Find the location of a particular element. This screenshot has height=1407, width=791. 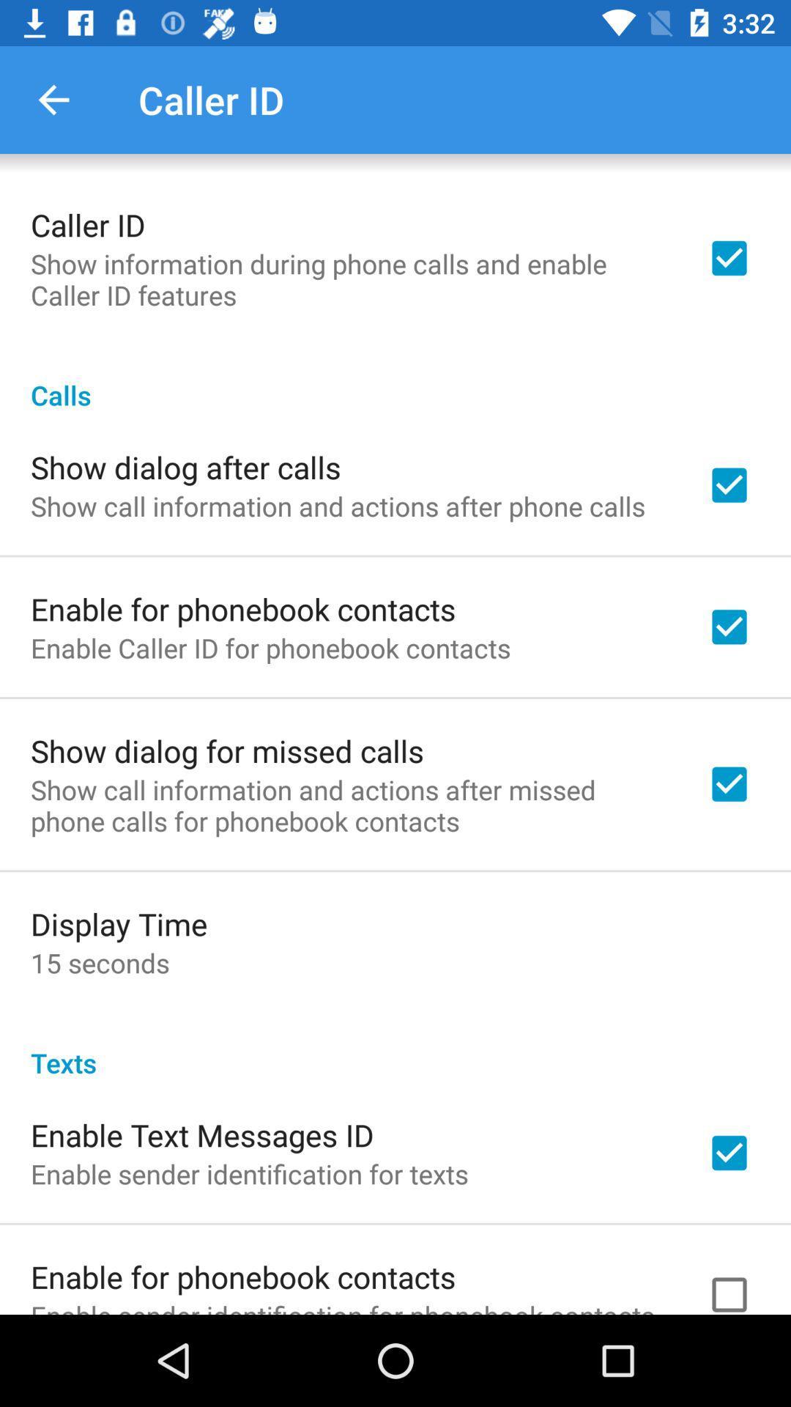

the item below the show call information icon is located at coordinates (118, 923).